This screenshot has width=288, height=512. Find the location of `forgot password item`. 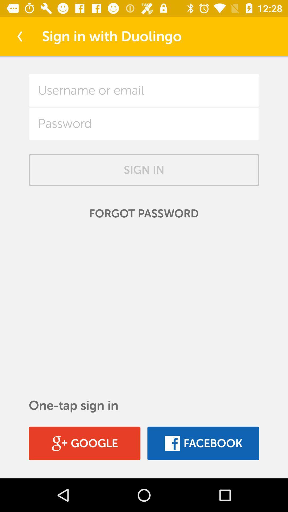

forgot password item is located at coordinates (144, 214).